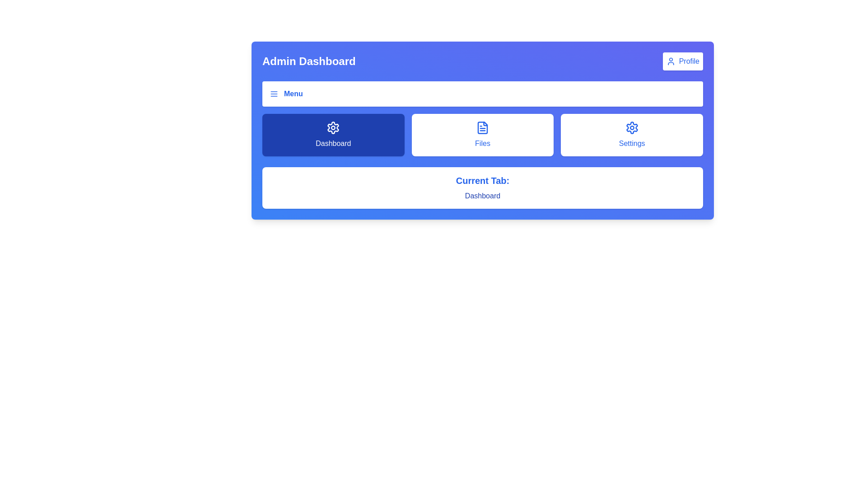  What do you see at coordinates (333, 143) in the screenshot?
I see `the text label inside the dark blue button that navigates to the 'Dashboard' section of the application` at bounding box center [333, 143].